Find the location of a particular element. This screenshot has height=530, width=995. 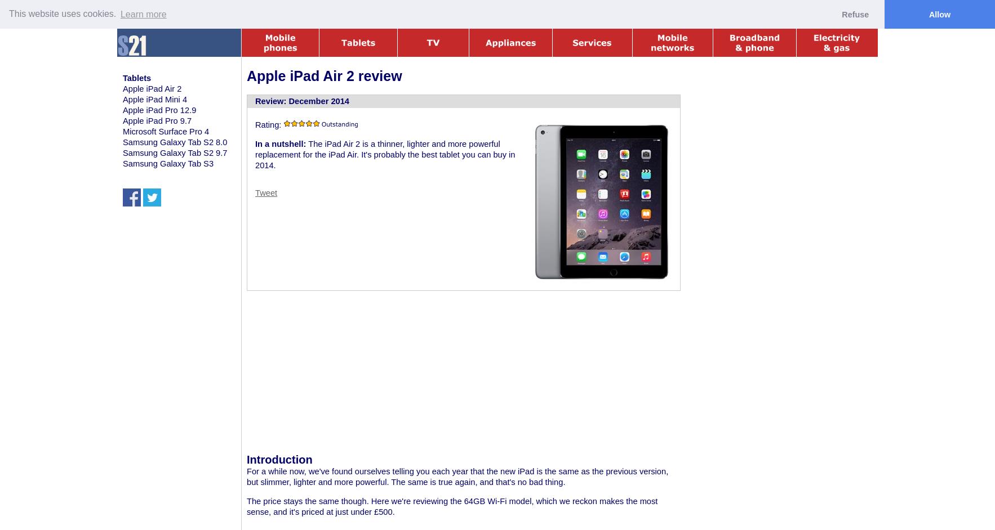

'Apple iPad Mini 4' is located at coordinates (154, 98).